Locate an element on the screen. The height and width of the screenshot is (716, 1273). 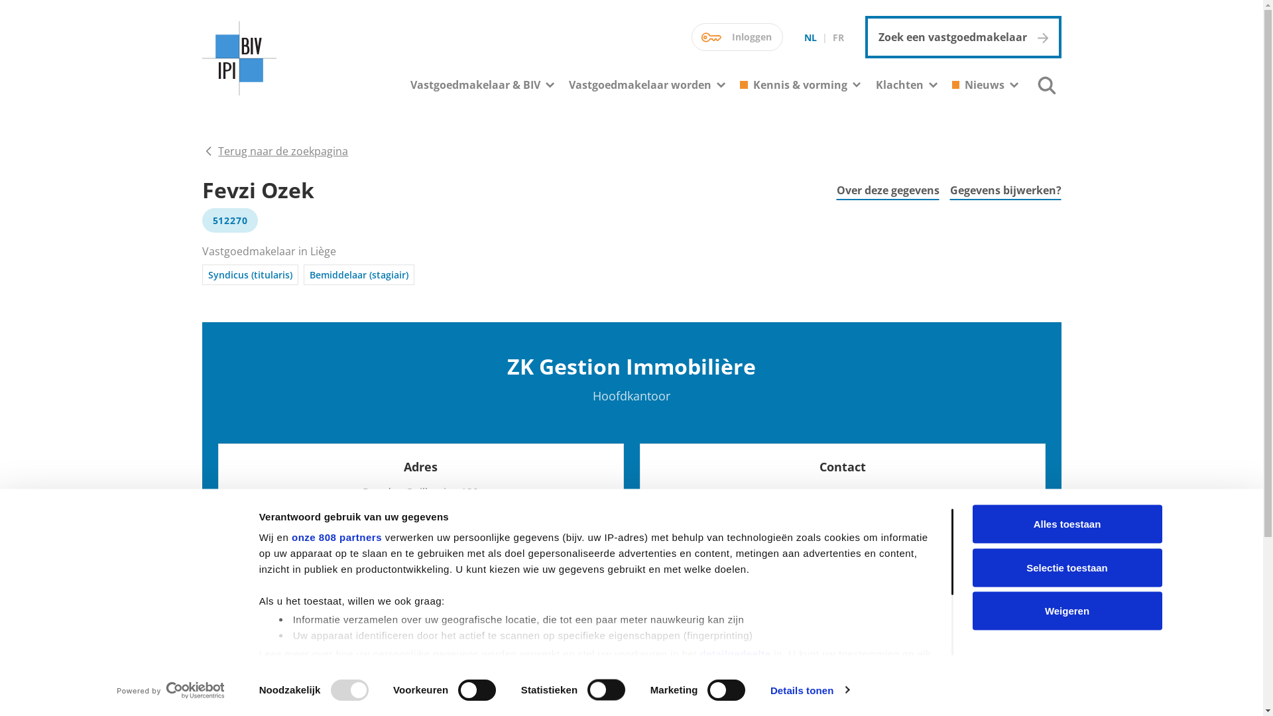
'onze 808 partners' is located at coordinates (337, 537).